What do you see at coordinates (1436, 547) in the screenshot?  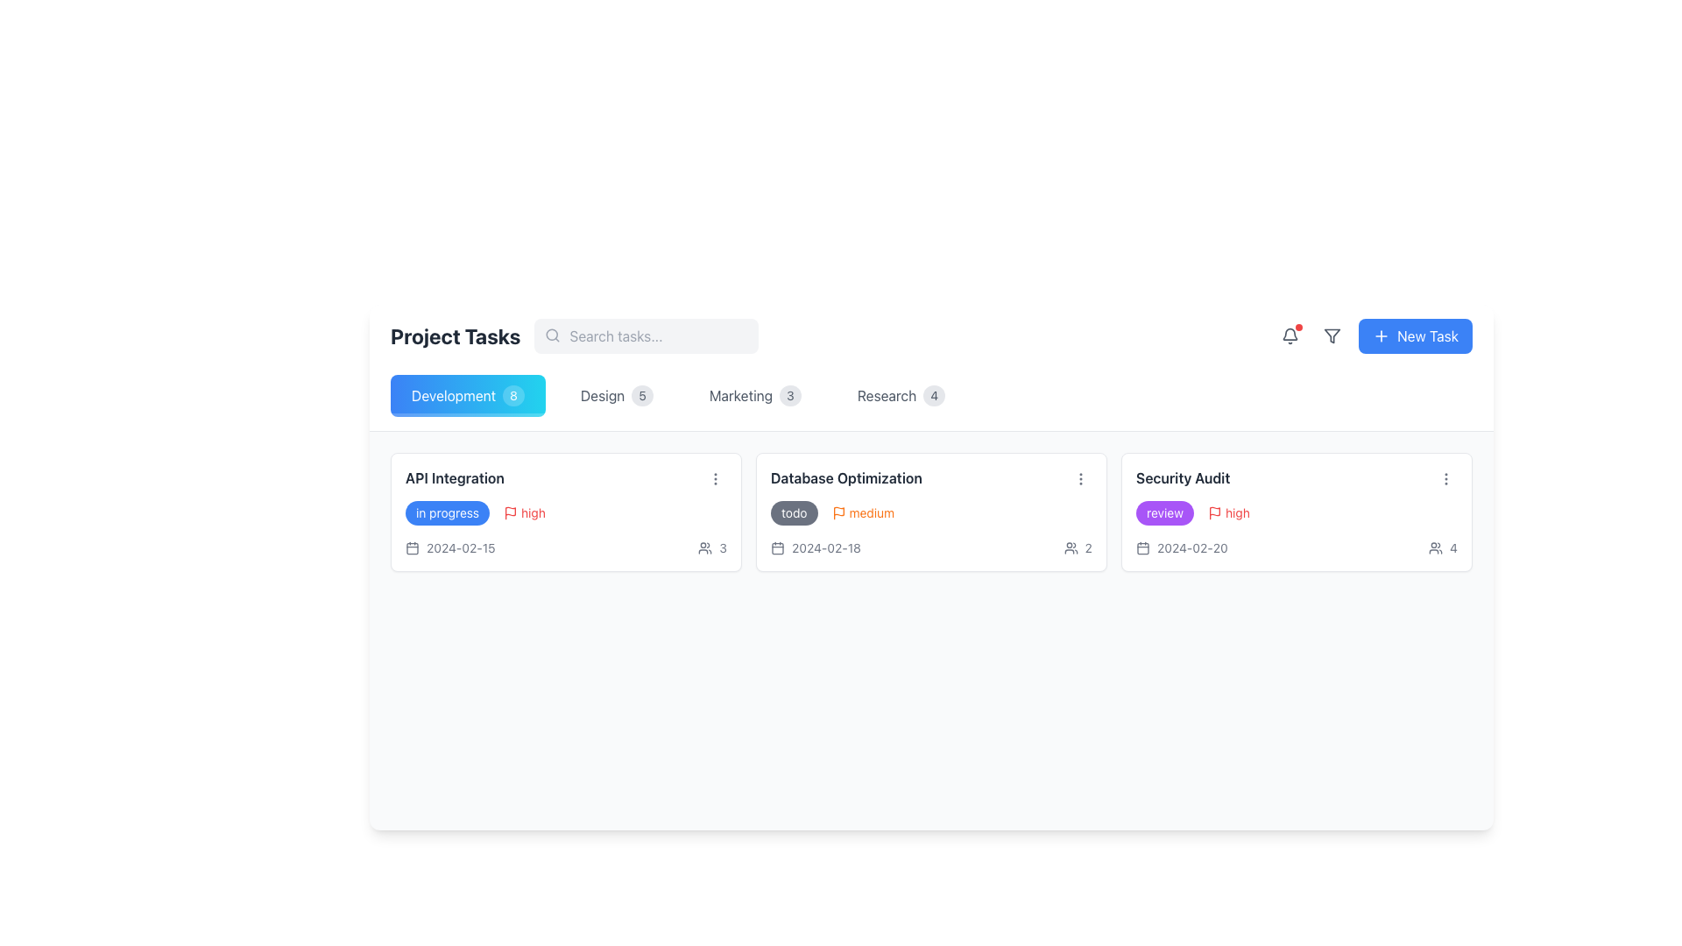 I see `the user icon located to the right side of the interface header, slightly to the left of the numeric indicator '4'` at bounding box center [1436, 547].